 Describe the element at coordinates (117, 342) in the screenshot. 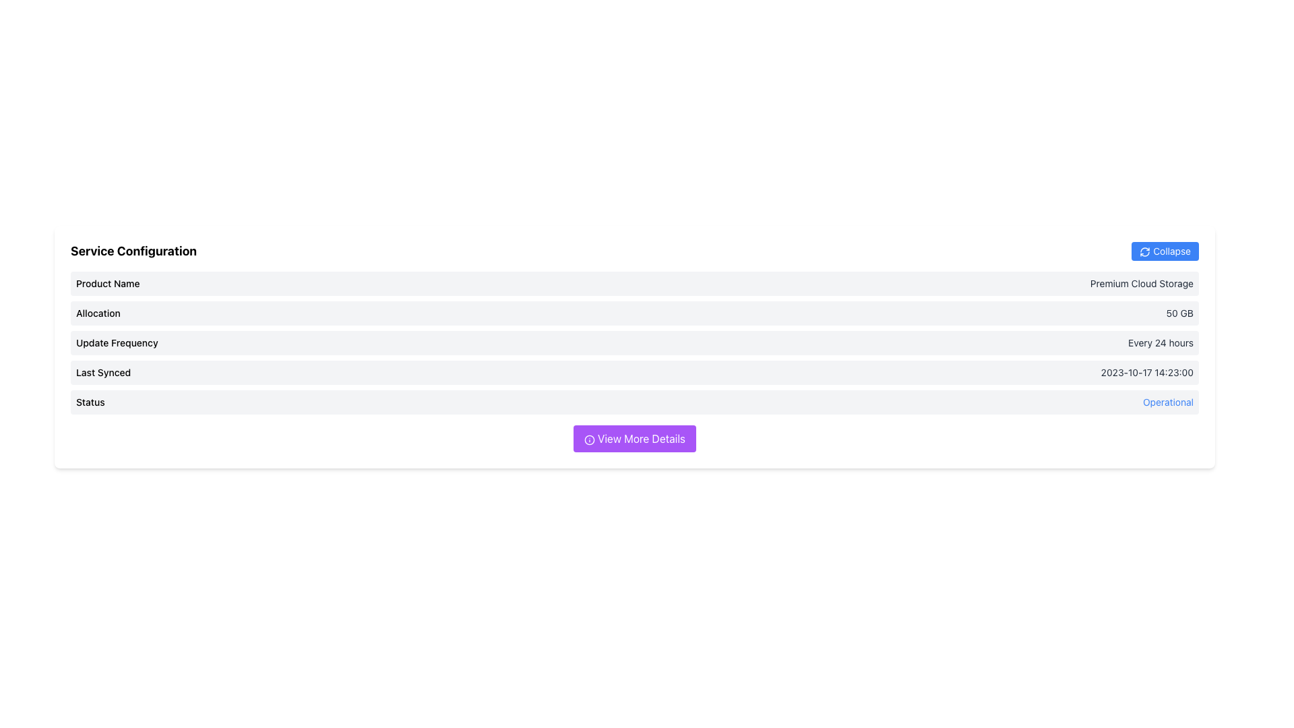

I see `the descriptive text label that provides a title for the information on its right, which is 'Every 24 hours', located in the 'Service Configuration' section` at that location.